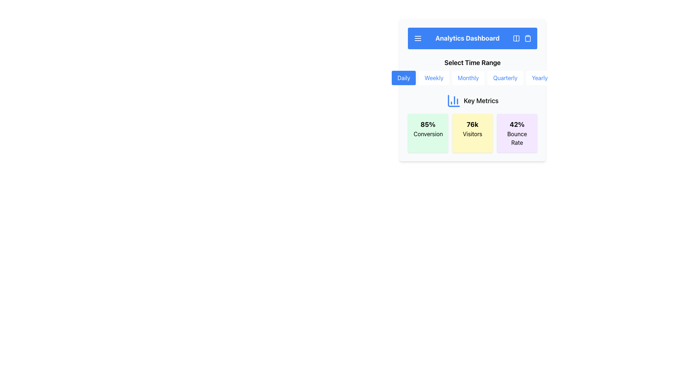 This screenshot has height=388, width=690. What do you see at coordinates (517, 133) in the screenshot?
I see `the Informational Card displaying the bounce rate percentage, located in the bottom-right of the 3-column grid` at bounding box center [517, 133].